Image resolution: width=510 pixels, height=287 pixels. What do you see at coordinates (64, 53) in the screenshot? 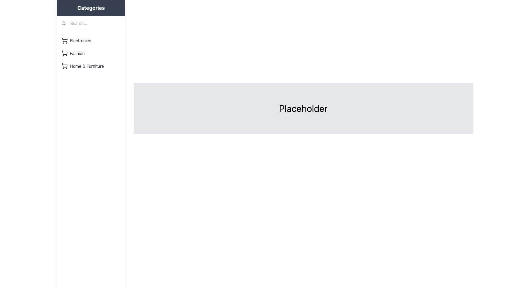
I see `the shopping cart icon associated with the 'Fashion' category, which is the second item in the left sidebar menu` at bounding box center [64, 53].